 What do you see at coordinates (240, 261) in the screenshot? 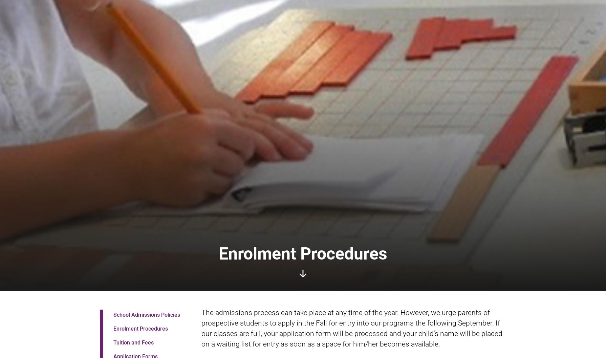
I see `'650 Lyon Street South, Ottawa, ON, K1S 3Z7'` at bounding box center [240, 261].